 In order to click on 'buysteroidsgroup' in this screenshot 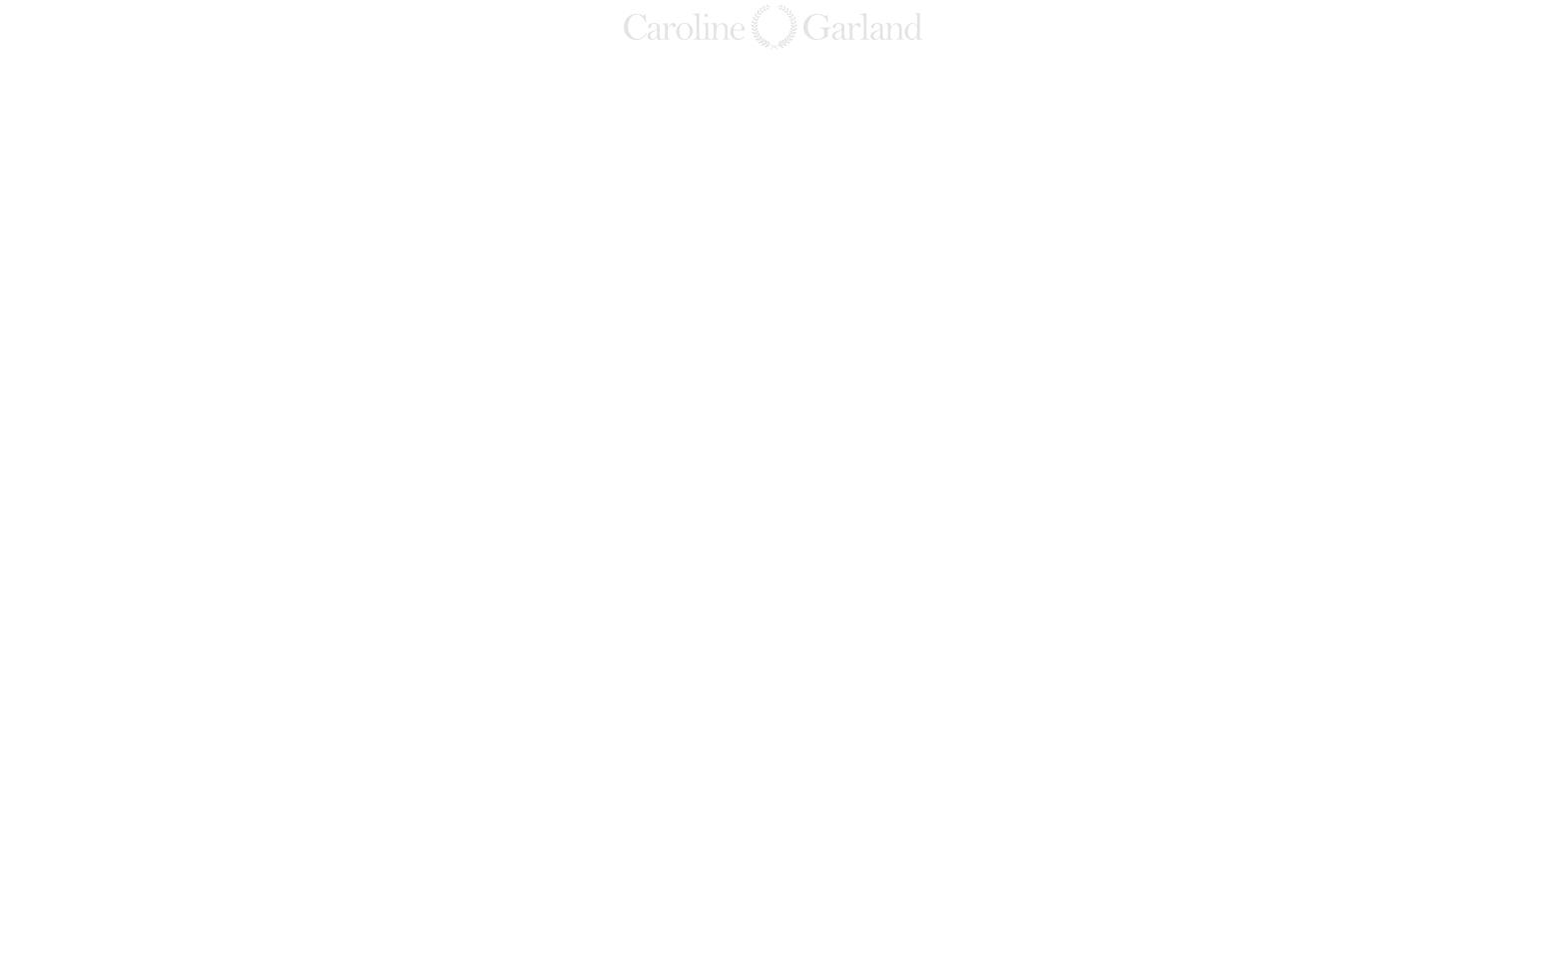, I will do `click(1231, 404)`.